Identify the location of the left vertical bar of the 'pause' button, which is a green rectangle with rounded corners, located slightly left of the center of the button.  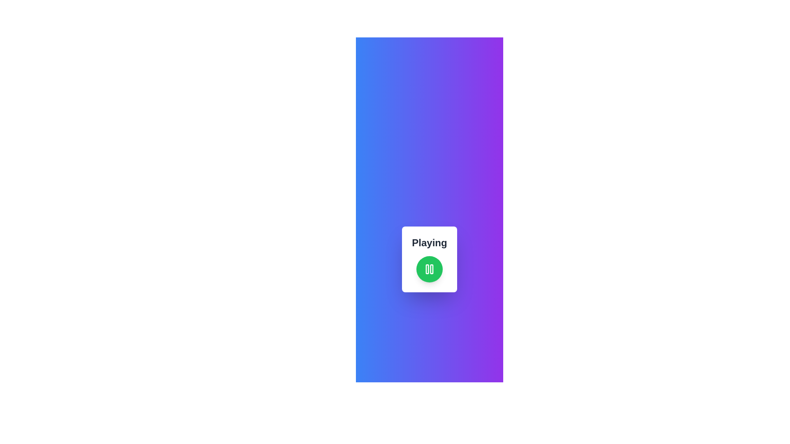
(427, 269).